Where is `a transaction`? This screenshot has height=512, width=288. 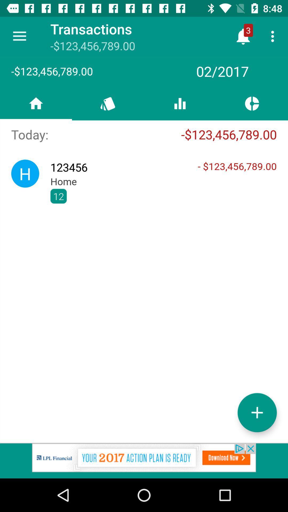 a transaction is located at coordinates (257, 412).